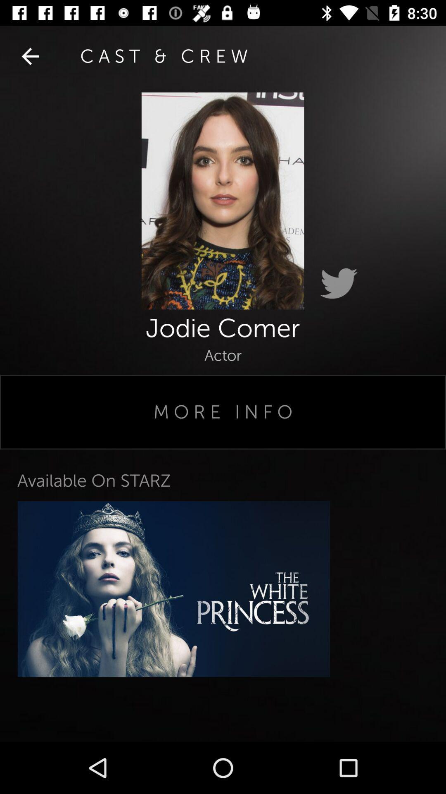  I want to click on more info item, so click(223, 412).